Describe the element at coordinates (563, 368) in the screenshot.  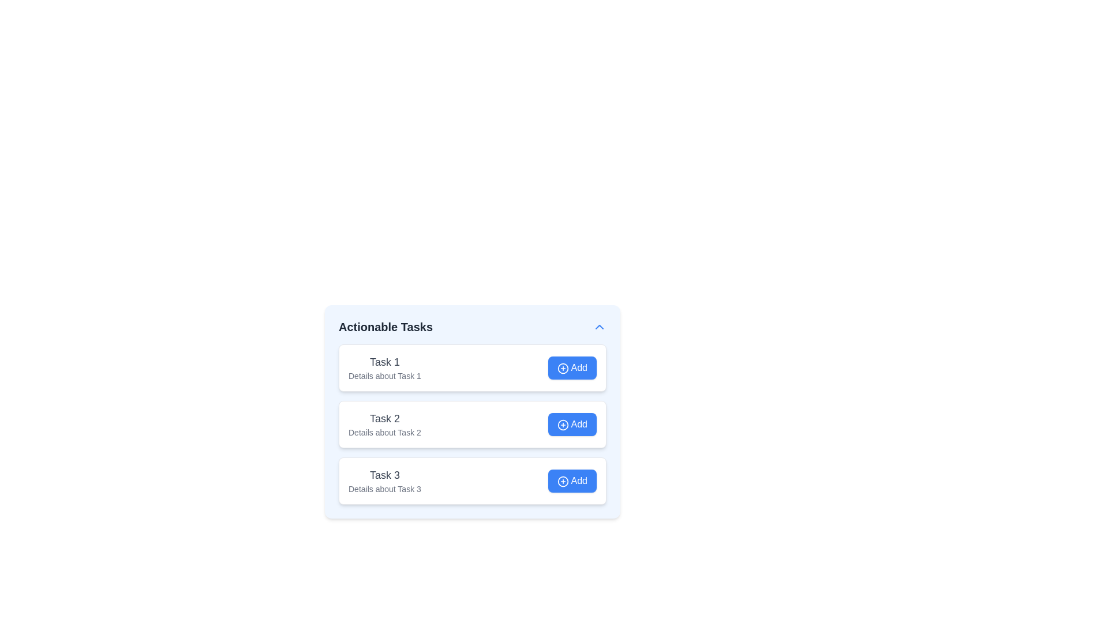
I see `the 'Add' icon located within the blue button to the right of the first task item in the 'Actionable Tasks' list` at that location.